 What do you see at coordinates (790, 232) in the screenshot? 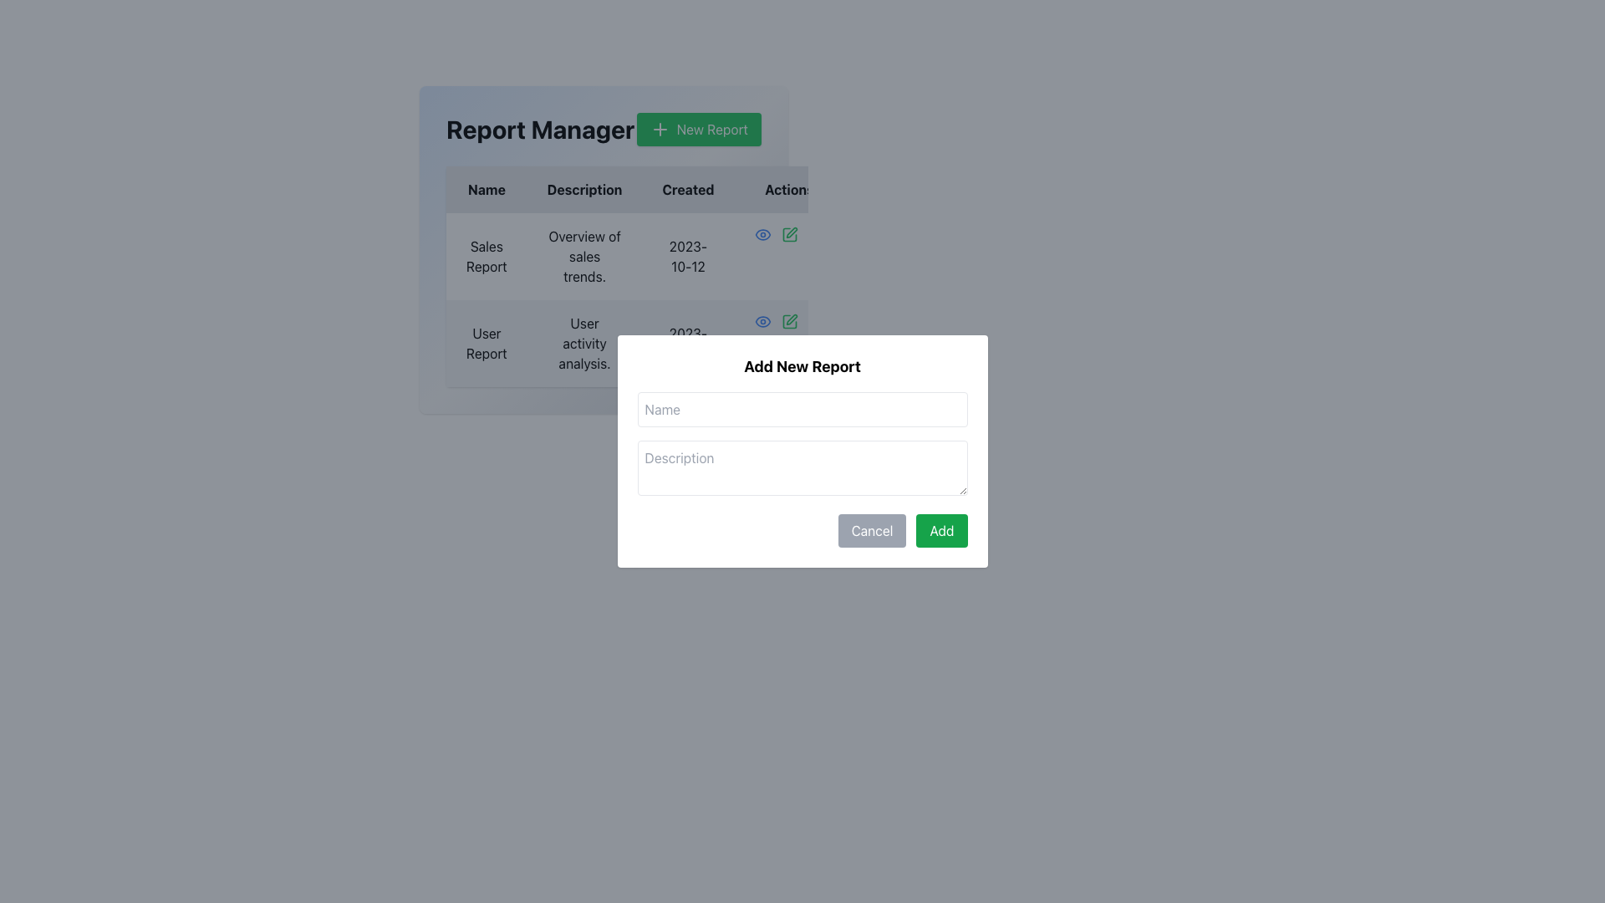
I see `the pen icon in the 'Actions' column of the 'Report Manager' table to initiate the editing action for the 'Sales Report' entry` at bounding box center [790, 232].